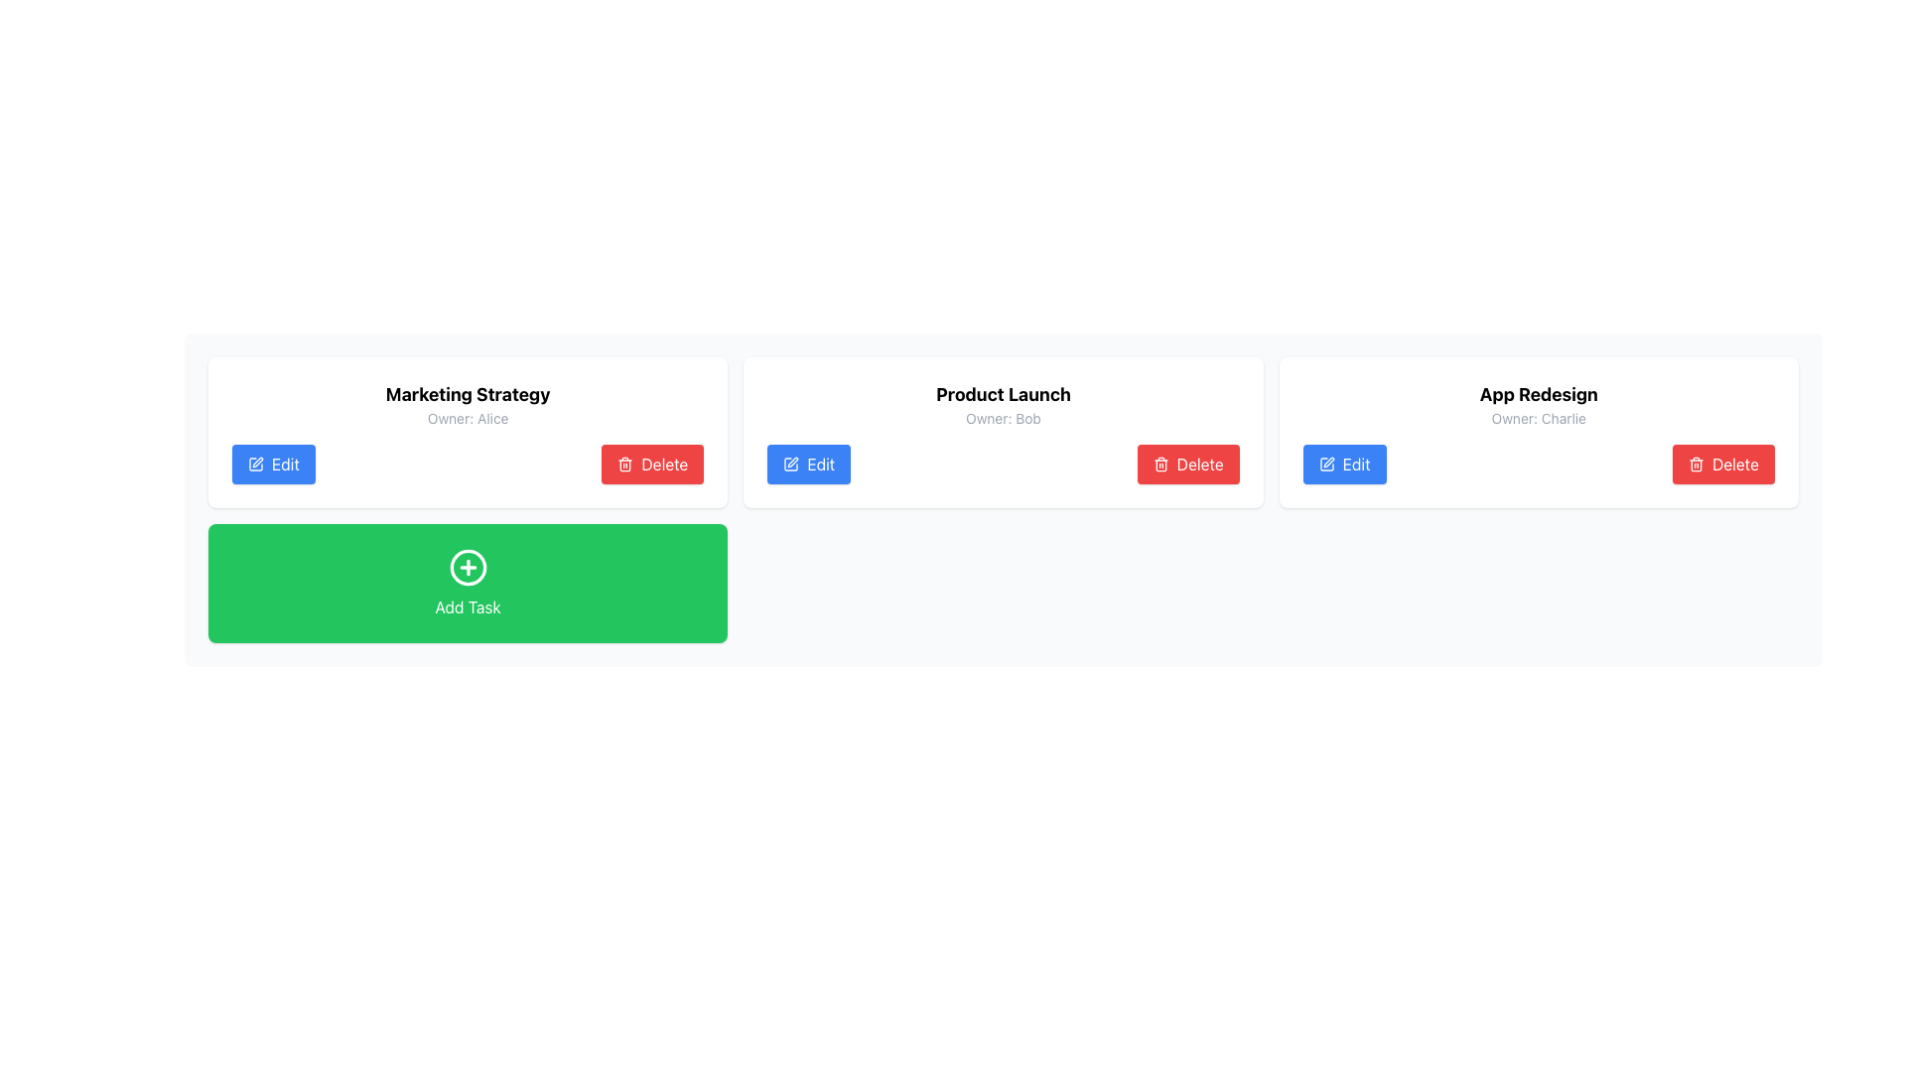 The width and height of the screenshot is (1906, 1072). What do you see at coordinates (1004, 417) in the screenshot?
I see `the Text Display element that provides descriptive information about the owner of the associated task or item in the card, located beneath the title 'Product Launch' and above the 'Edit' and 'Delete' buttons in the middle card` at bounding box center [1004, 417].